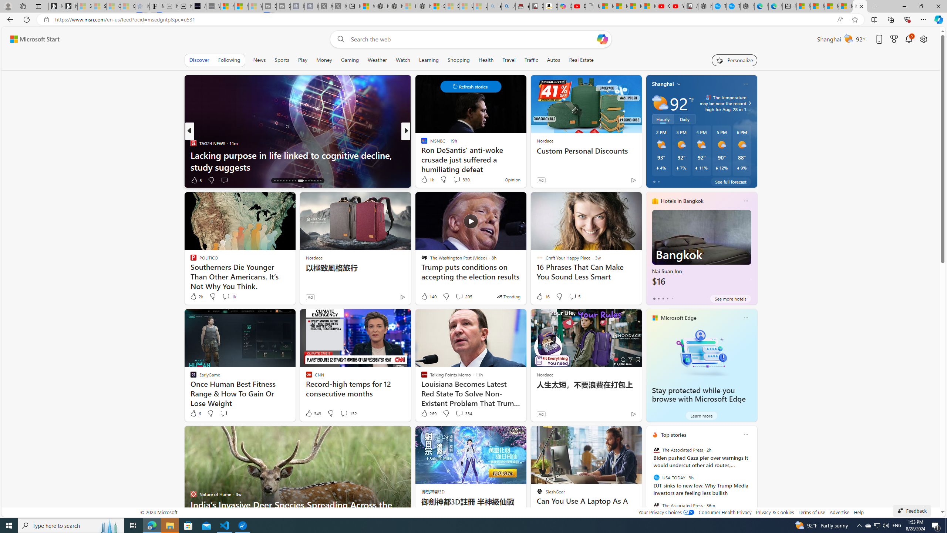 This screenshot has width=947, height=533. I want to click on 'Top stories', so click(674, 435).